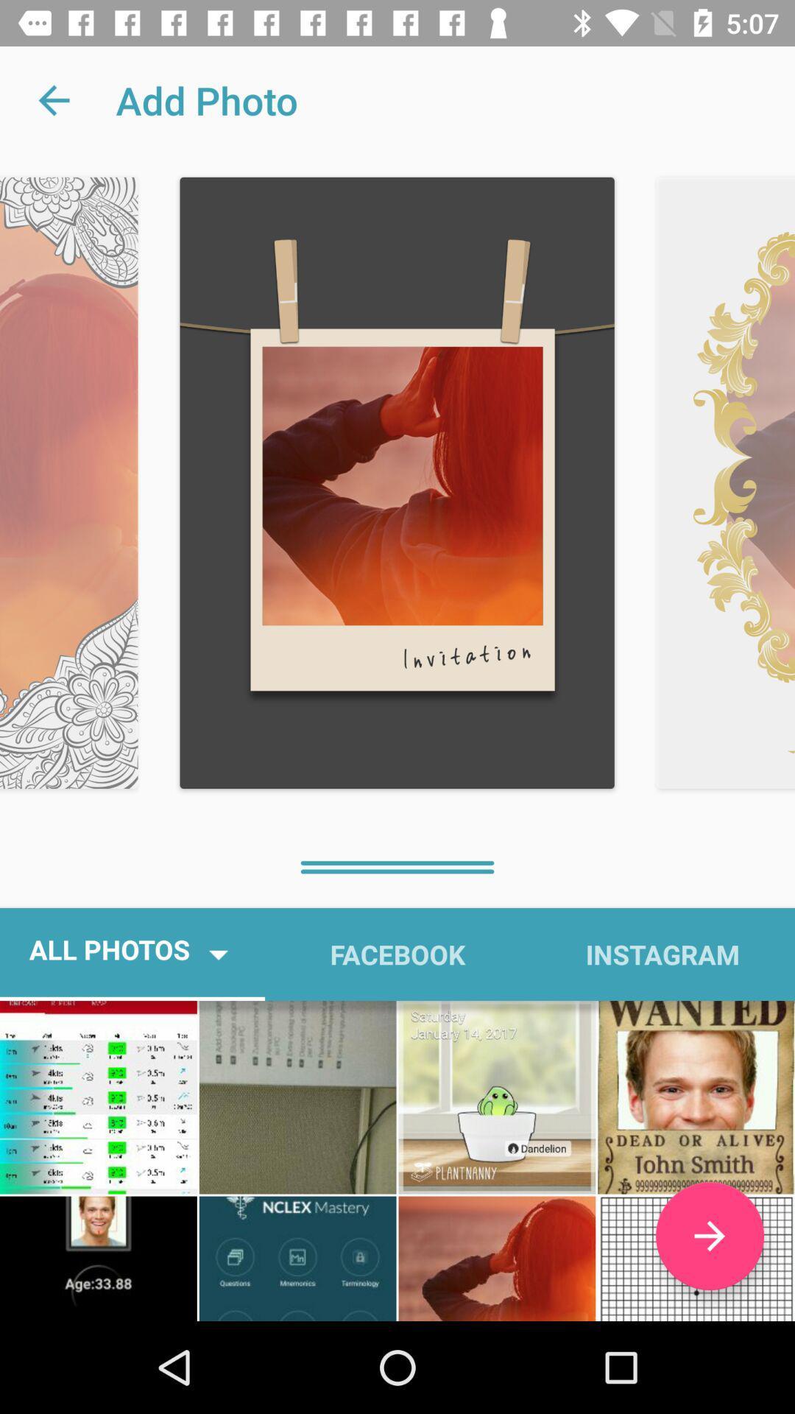  I want to click on the arrow_forward icon, so click(709, 1236).